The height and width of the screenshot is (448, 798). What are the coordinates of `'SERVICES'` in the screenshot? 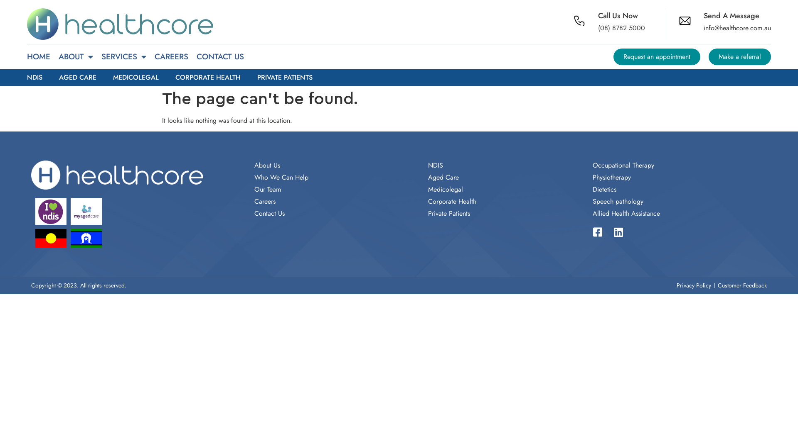 It's located at (101, 56).